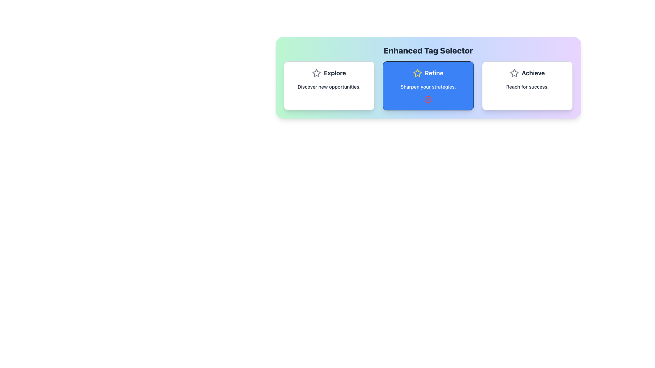  I want to click on the decorative icon associated with the 'Explore' feature, which is the first icon in the Explore section, positioned to the left of the text 'Explore', so click(316, 73).